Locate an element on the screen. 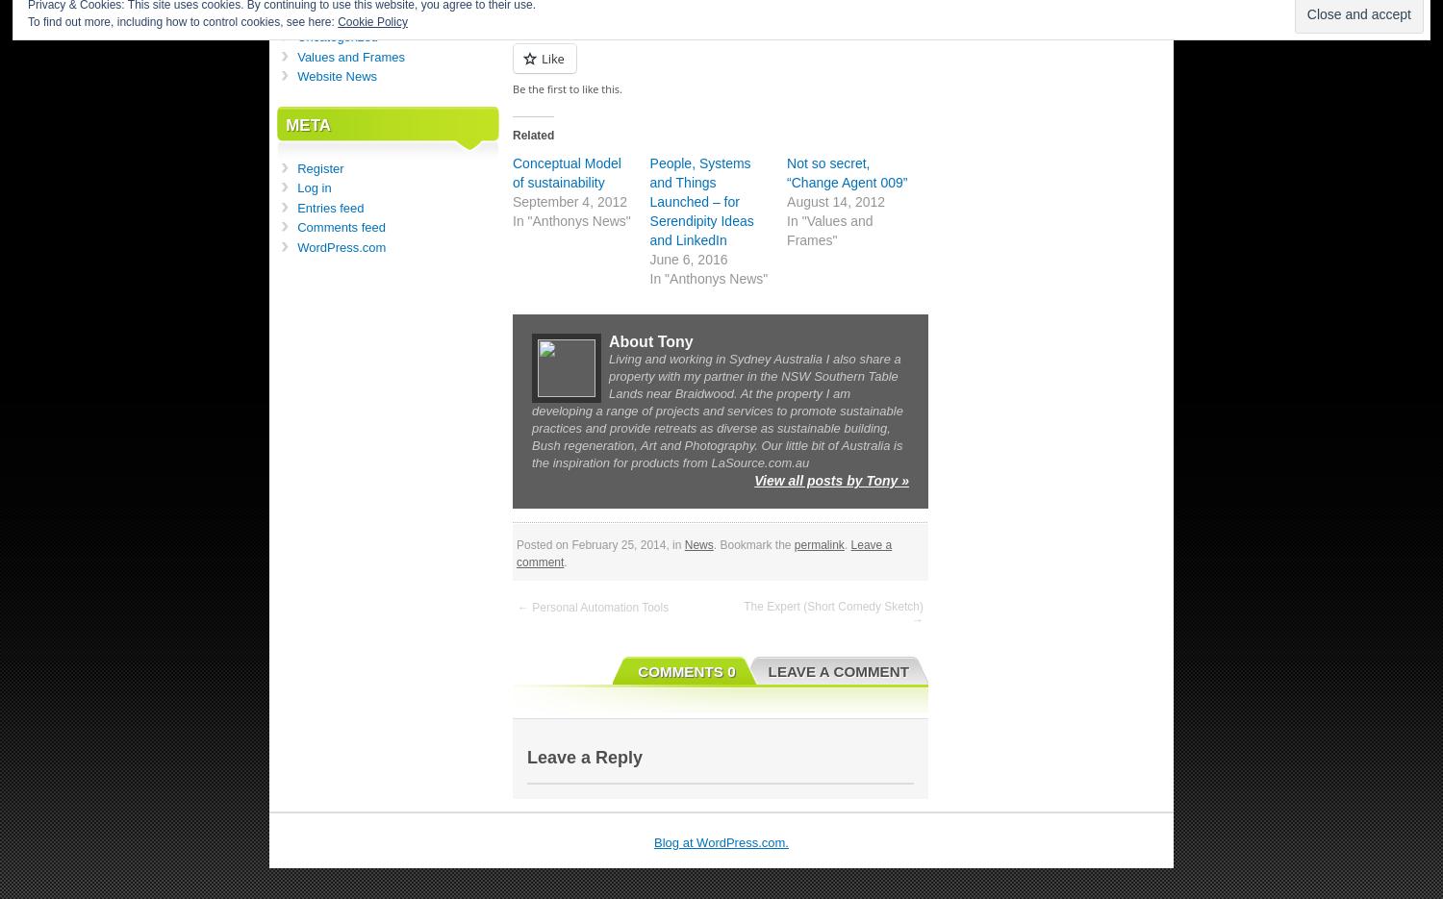  'Entries feed' is located at coordinates (329, 207).